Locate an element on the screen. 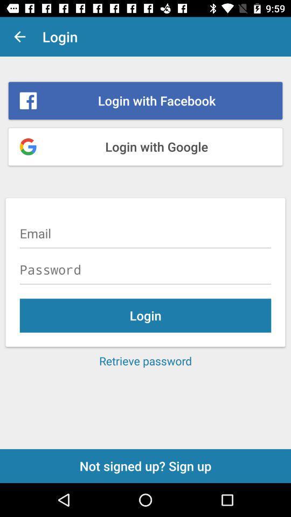  your password is located at coordinates (145, 269).